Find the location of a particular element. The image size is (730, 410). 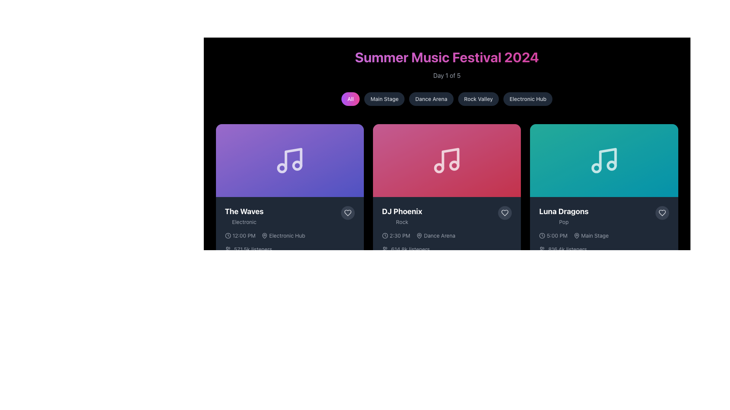

the text label descriptor indicating the music genre for the artist 'DJ Phoenix', which is positioned at the lower section of the artist's card, centrally aligned within the card is located at coordinates (401, 222).